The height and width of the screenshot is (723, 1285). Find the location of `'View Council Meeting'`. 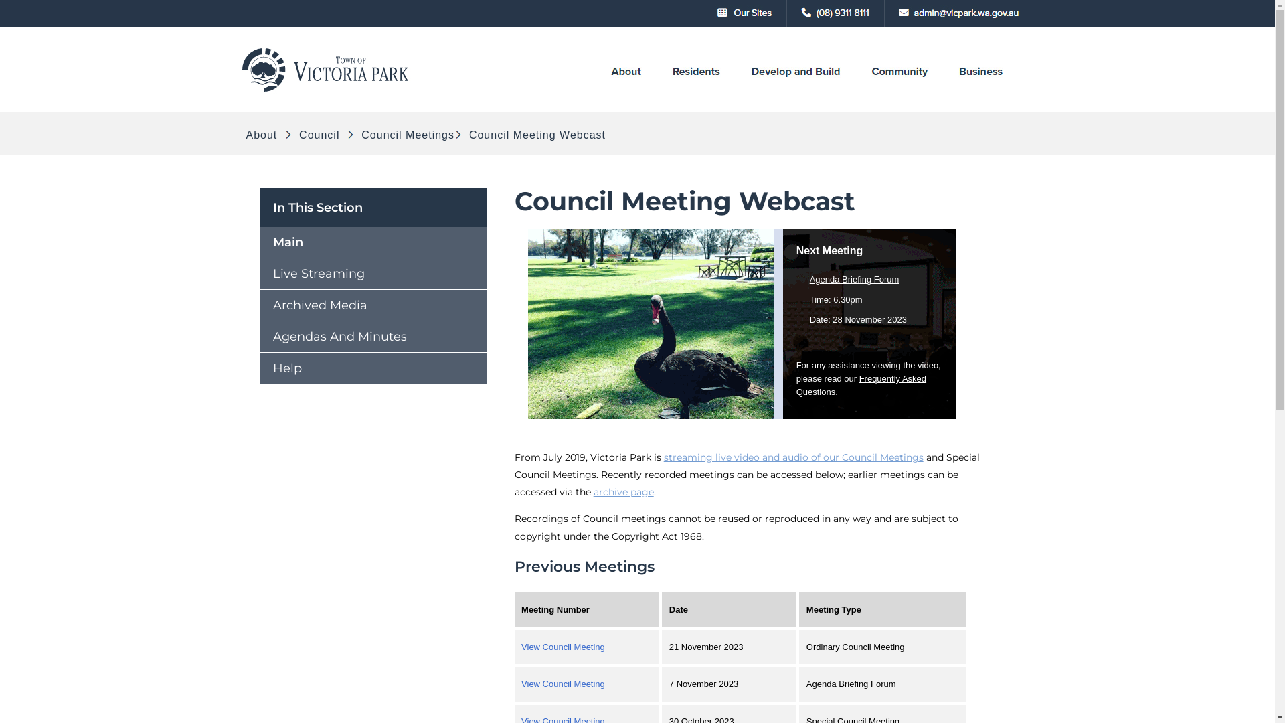

'View Council Meeting' is located at coordinates (563, 684).